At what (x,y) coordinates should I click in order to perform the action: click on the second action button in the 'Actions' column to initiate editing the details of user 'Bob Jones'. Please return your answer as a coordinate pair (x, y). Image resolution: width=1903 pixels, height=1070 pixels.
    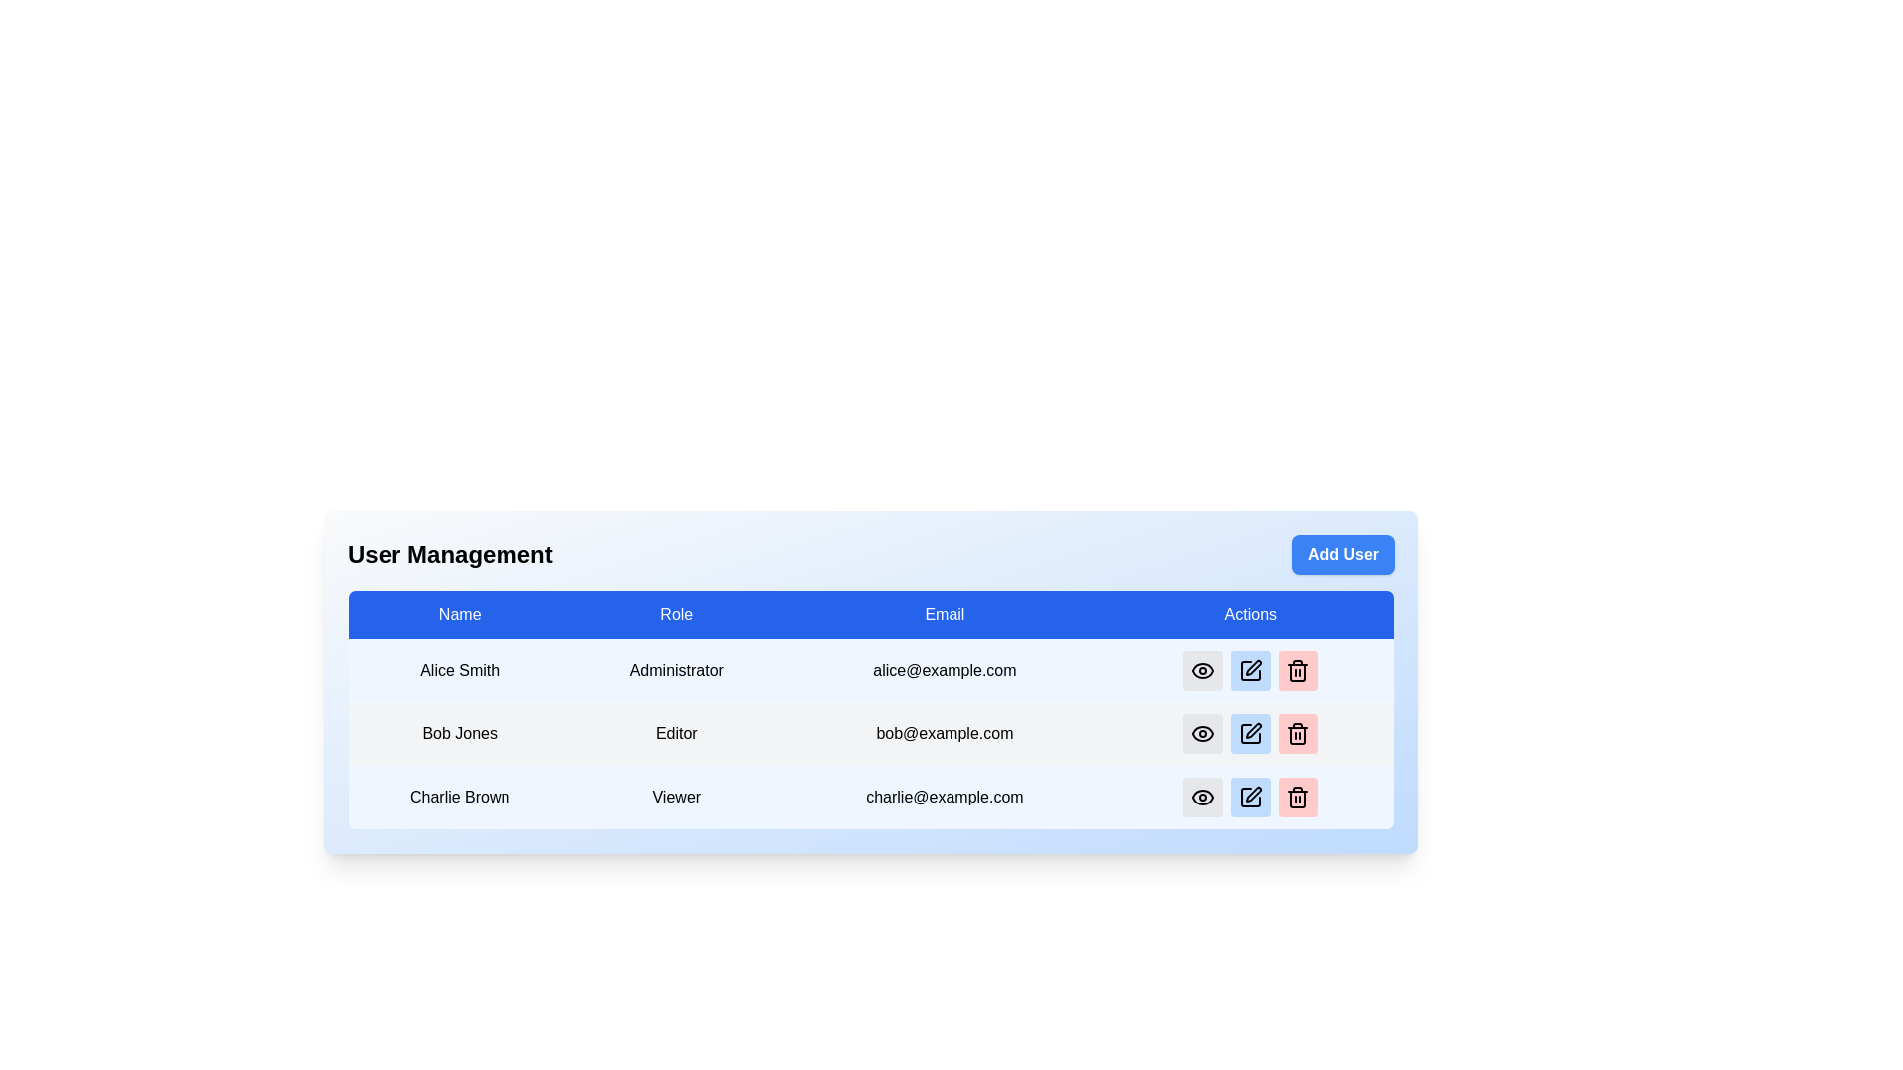
    Looking at the image, I should click on (1249, 733).